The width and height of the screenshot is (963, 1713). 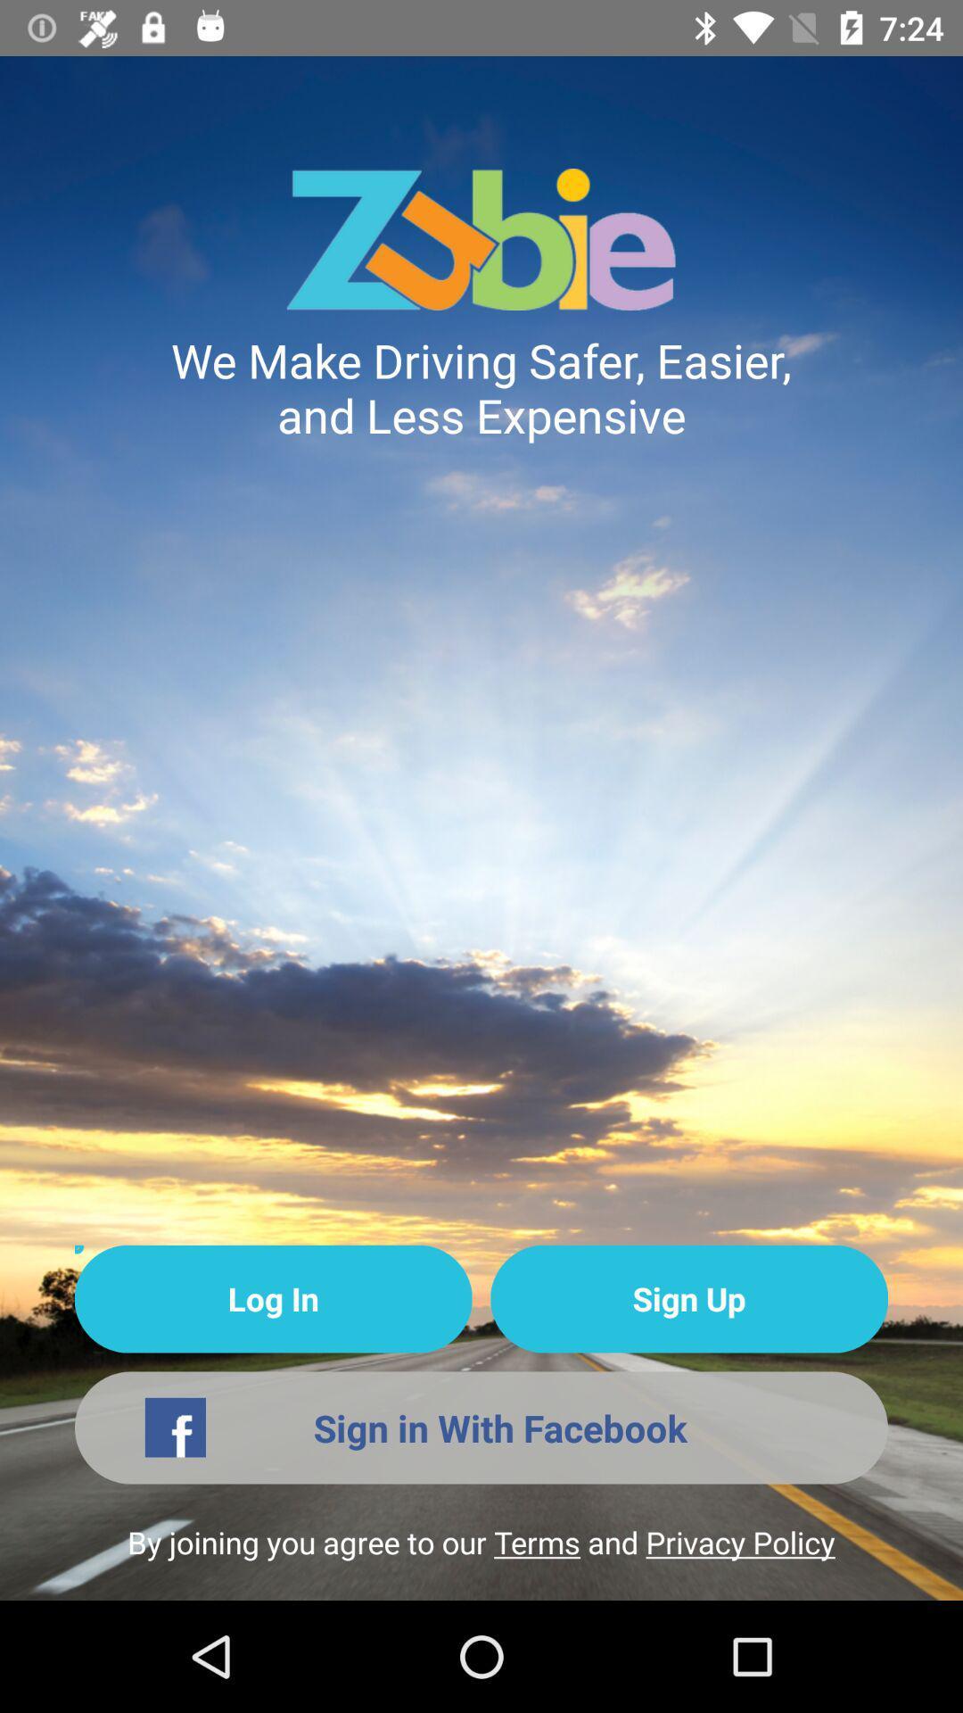 I want to click on the icon at the bottom right corner, so click(x=688, y=1299).